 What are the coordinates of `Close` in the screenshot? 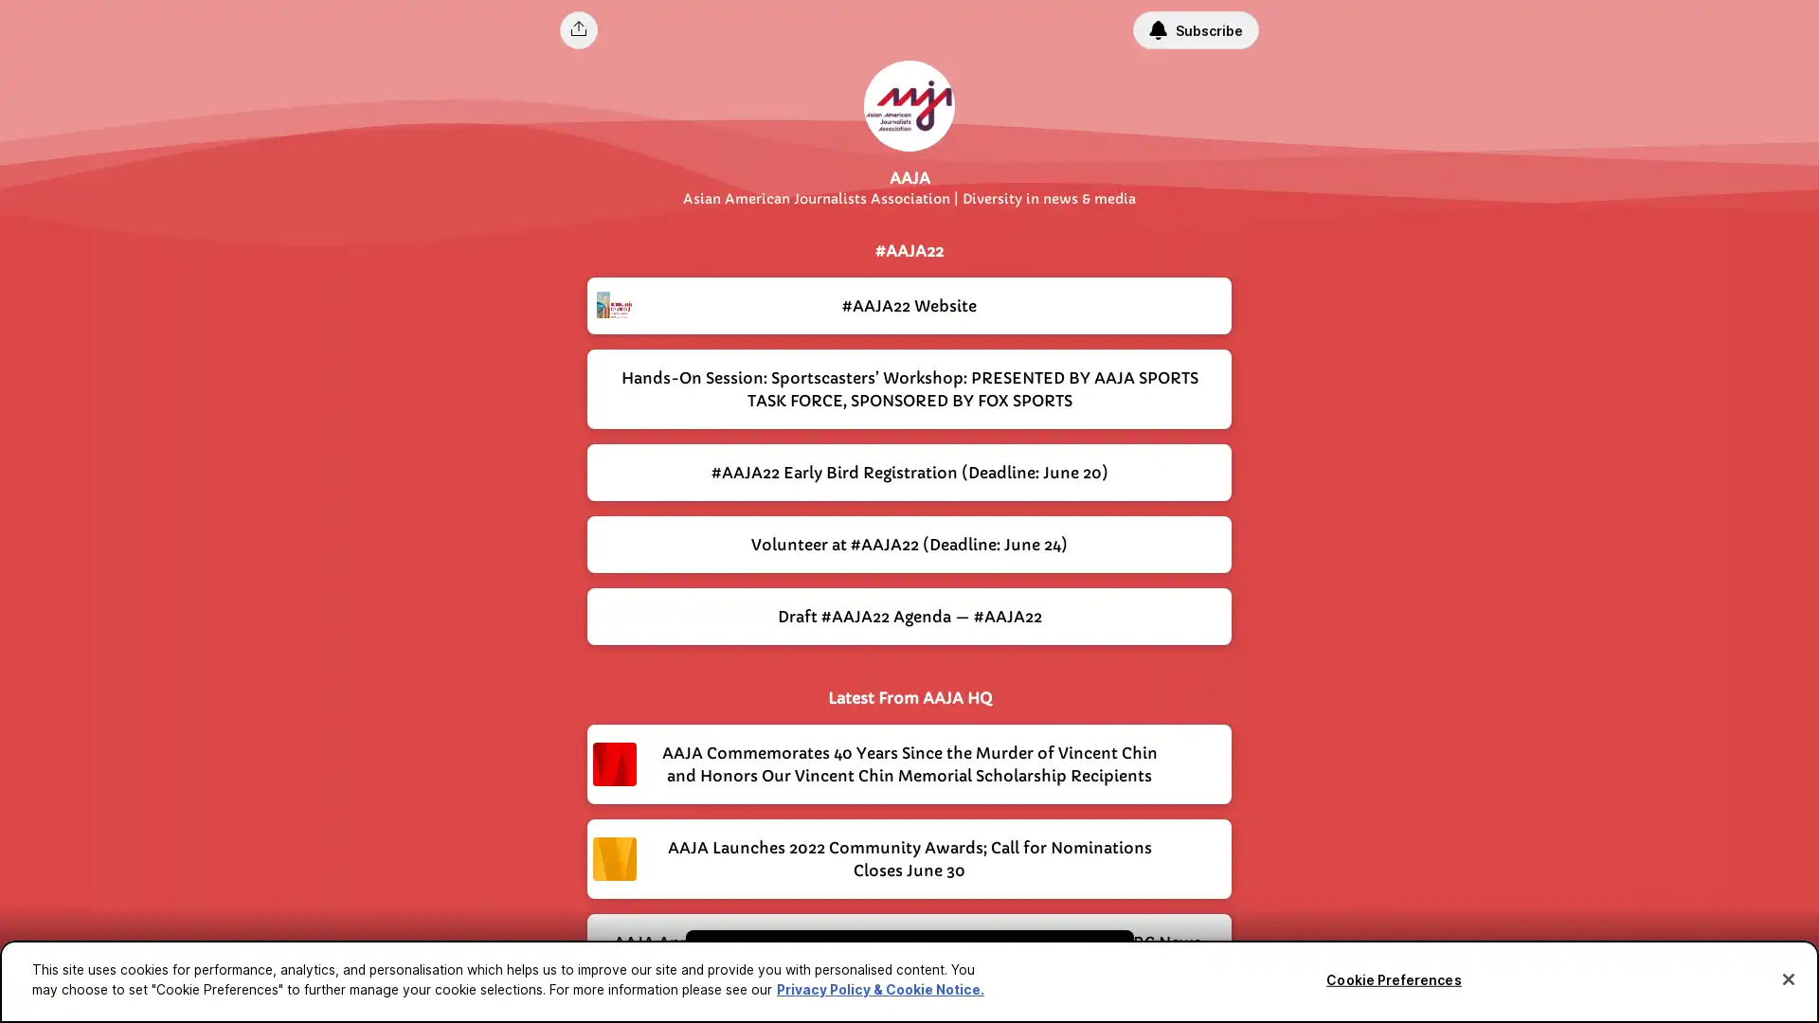 It's located at (1787, 978).